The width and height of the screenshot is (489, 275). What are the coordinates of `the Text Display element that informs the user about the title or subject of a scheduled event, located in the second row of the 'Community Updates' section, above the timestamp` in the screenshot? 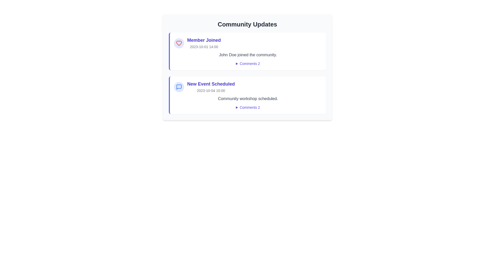 It's located at (211, 84).